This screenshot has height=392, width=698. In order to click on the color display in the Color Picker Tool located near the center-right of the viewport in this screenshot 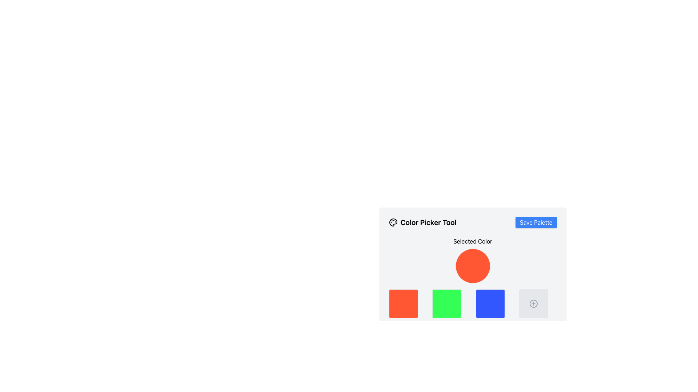, I will do `click(473, 277)`.